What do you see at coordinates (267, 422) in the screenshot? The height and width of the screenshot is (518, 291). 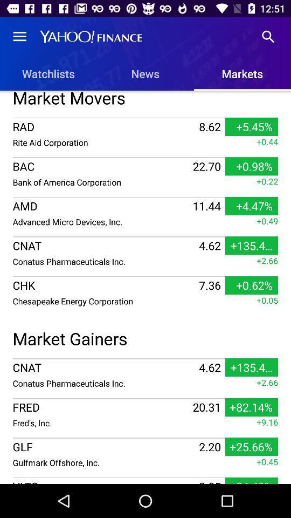 I see `item to the right of 20.31` at bounding box center [267, 422].